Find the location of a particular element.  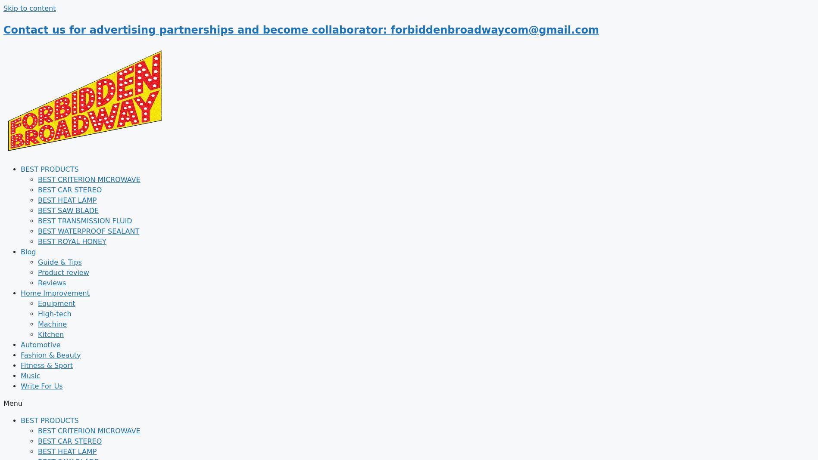

'BEST WATERPROOF SEALANT' is located at coordinates (88, 231).